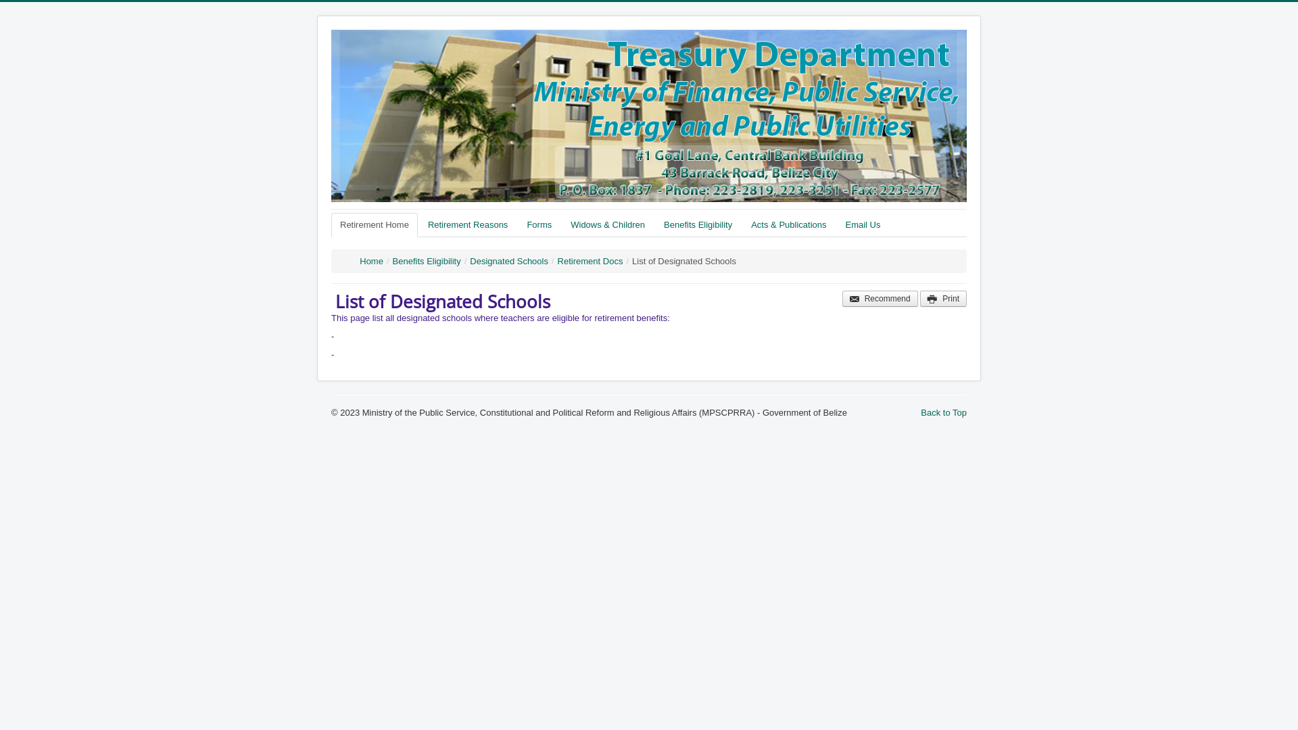 The image size is (1298, 730). What do you see at coordinates (371, 261) in the screenshot?
I see `'Home'` at bounding box center [371, 261].